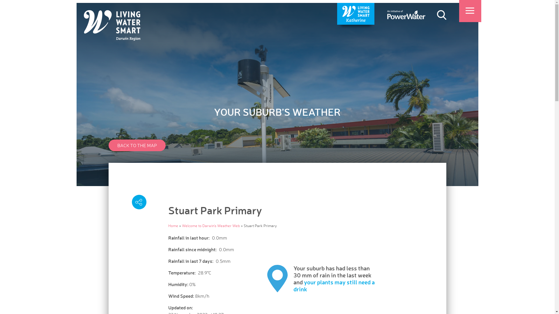 The height and width of the screenshot is (314, 559). Describe the element at coordinates (0, 3) in the screenshot. I see `'Skip to main content'` at that location.